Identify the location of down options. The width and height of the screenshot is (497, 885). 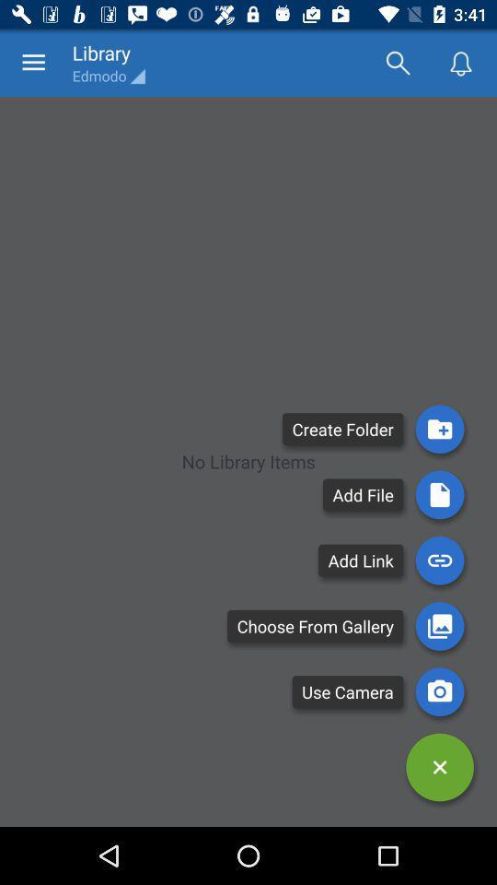
(439, 767).